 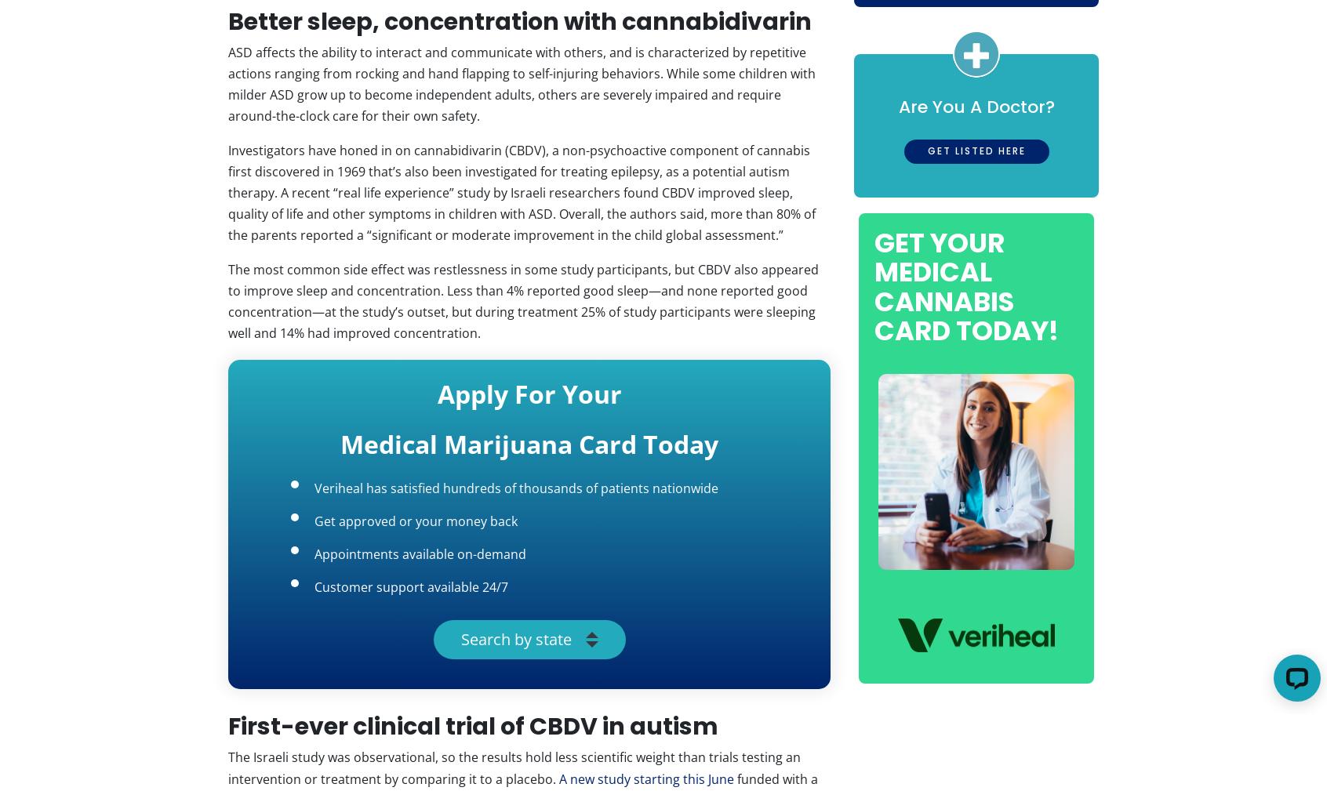 What do you see at coordinates (523, 300) in the screenshot?
I see `'The most common side effect was restlessness in some study participants, but CBDV also appeared to improve sleep and concentration. Less than 4% reported good sleep—and none reported good concentration—at the study’s outset, but during treatment 25% of study participants were sleeping well and 14% had improved concentration.'` at bounding box center [523, 300].